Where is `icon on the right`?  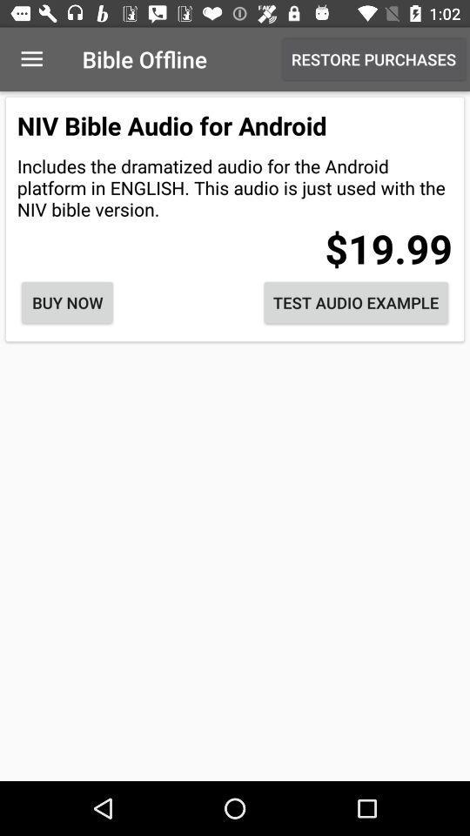 icon on the right is located at coordinates (355, 302).